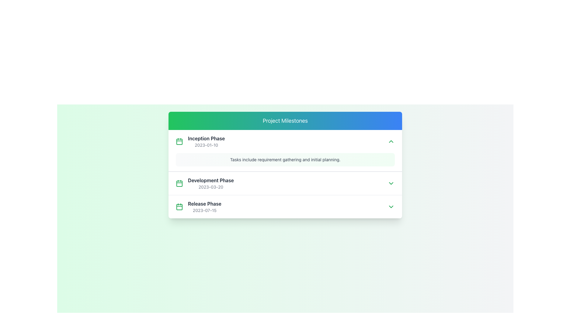 The image size is (584, 328). I want to click on the 'Release Phase' text label which is part of the project milestones list, prominently displayed in dark gray and styled in bold sans-serif font, so click(204, 204).